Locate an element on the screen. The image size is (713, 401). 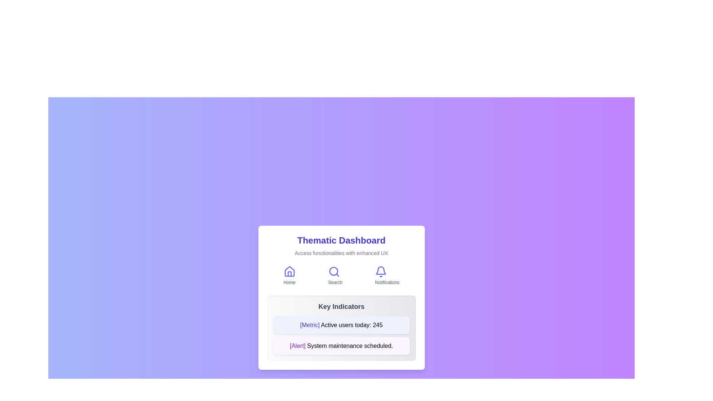
the inner circular portion of the search icon located at the center of the 'Search' button in the header section is located at coordinates (333, 271).